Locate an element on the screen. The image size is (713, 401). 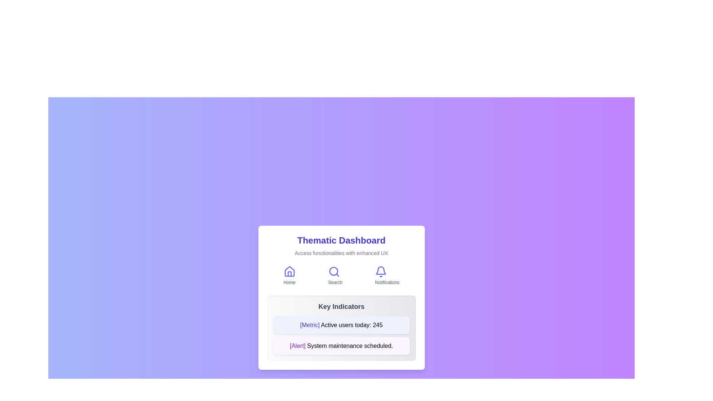
the inner circular portion of the search icon located at the center of the 'Search' button in the header section is located at coordinates (333, 271).